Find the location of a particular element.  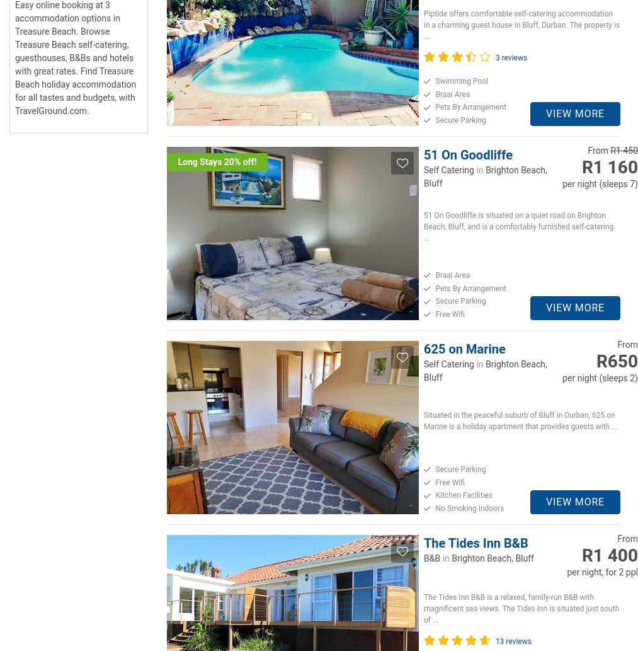

'per night, for 2 ppl' is located at coordinates (566, 572).